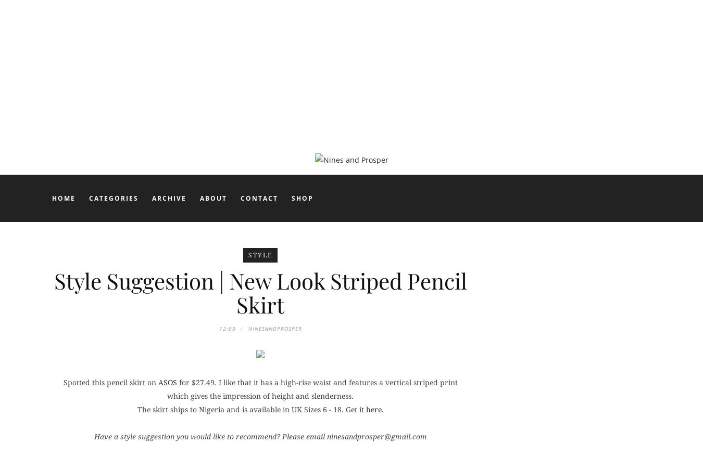  What do you see at coordinates (372, 409) in the screenshot?
I see `'here'` at bounding box center [372, 409].